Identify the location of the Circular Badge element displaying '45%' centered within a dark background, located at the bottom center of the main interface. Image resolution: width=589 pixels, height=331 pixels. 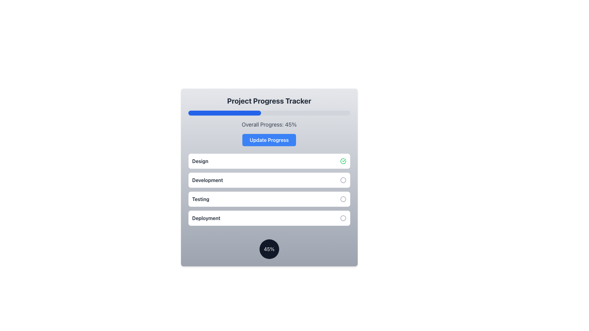
(269, 249).